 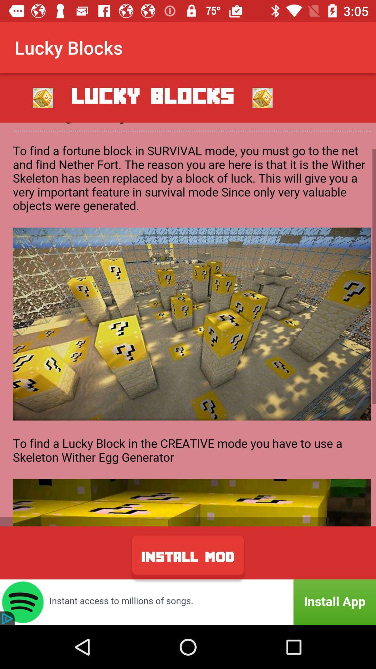 What do you see at coordinates (188, 324) in the screenshot?
I see `share the article` at bounding box center [188, 324].